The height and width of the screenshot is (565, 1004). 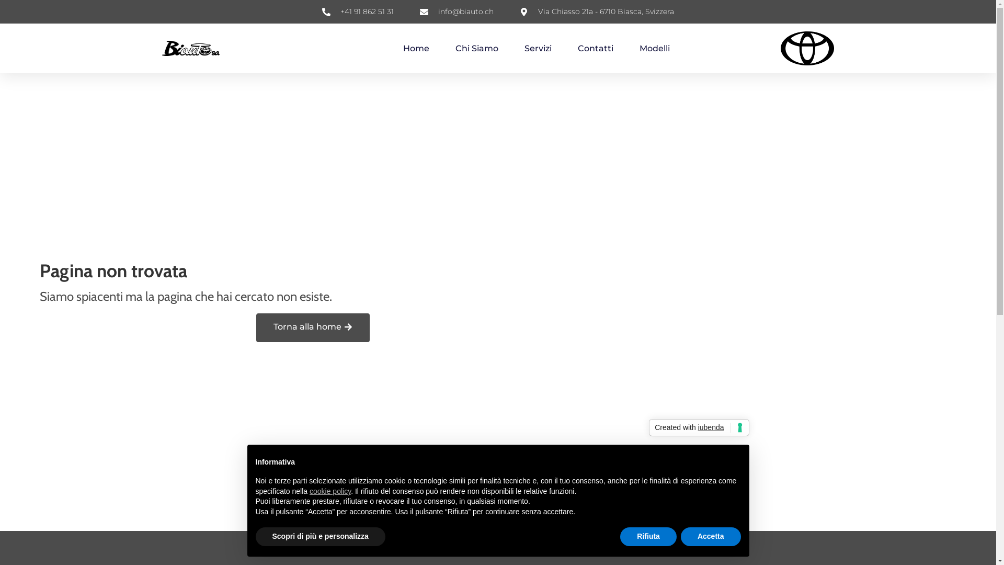 I want to click on 'Created with iubenda', so click(x=648, y=427).